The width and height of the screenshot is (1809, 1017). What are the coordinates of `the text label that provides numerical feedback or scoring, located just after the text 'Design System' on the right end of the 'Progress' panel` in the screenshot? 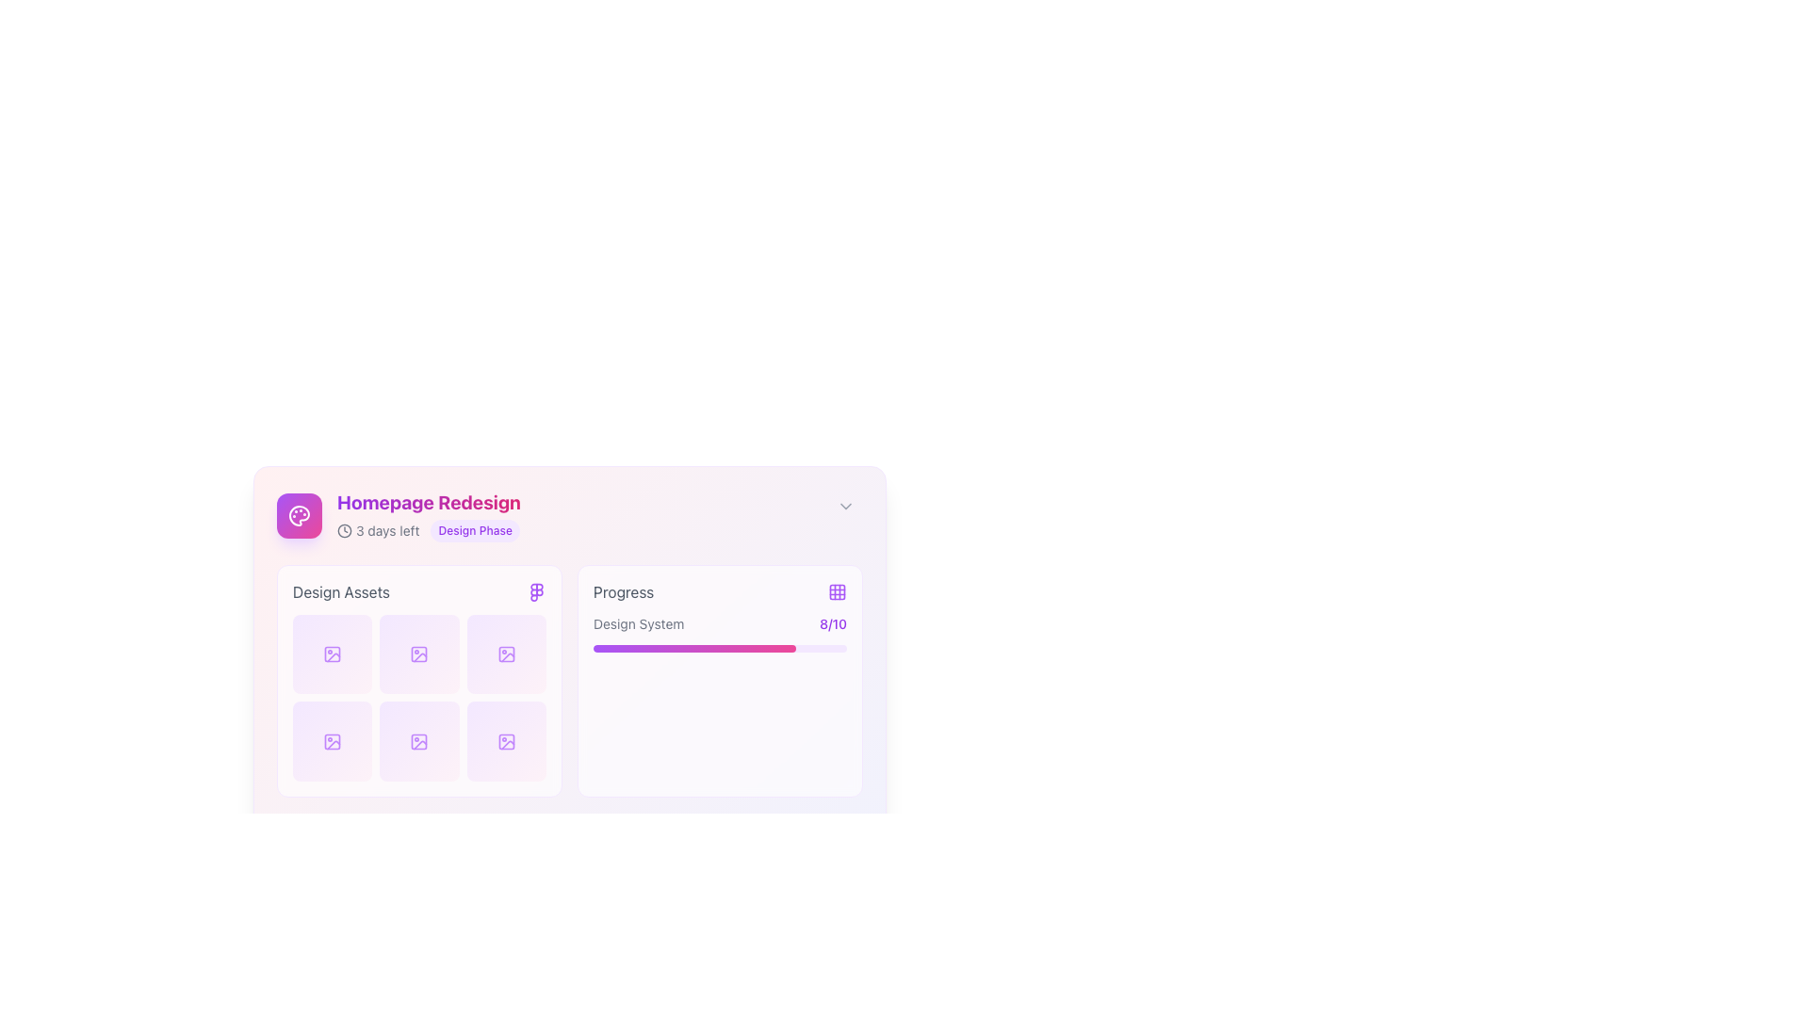 It's located at (832, 624).